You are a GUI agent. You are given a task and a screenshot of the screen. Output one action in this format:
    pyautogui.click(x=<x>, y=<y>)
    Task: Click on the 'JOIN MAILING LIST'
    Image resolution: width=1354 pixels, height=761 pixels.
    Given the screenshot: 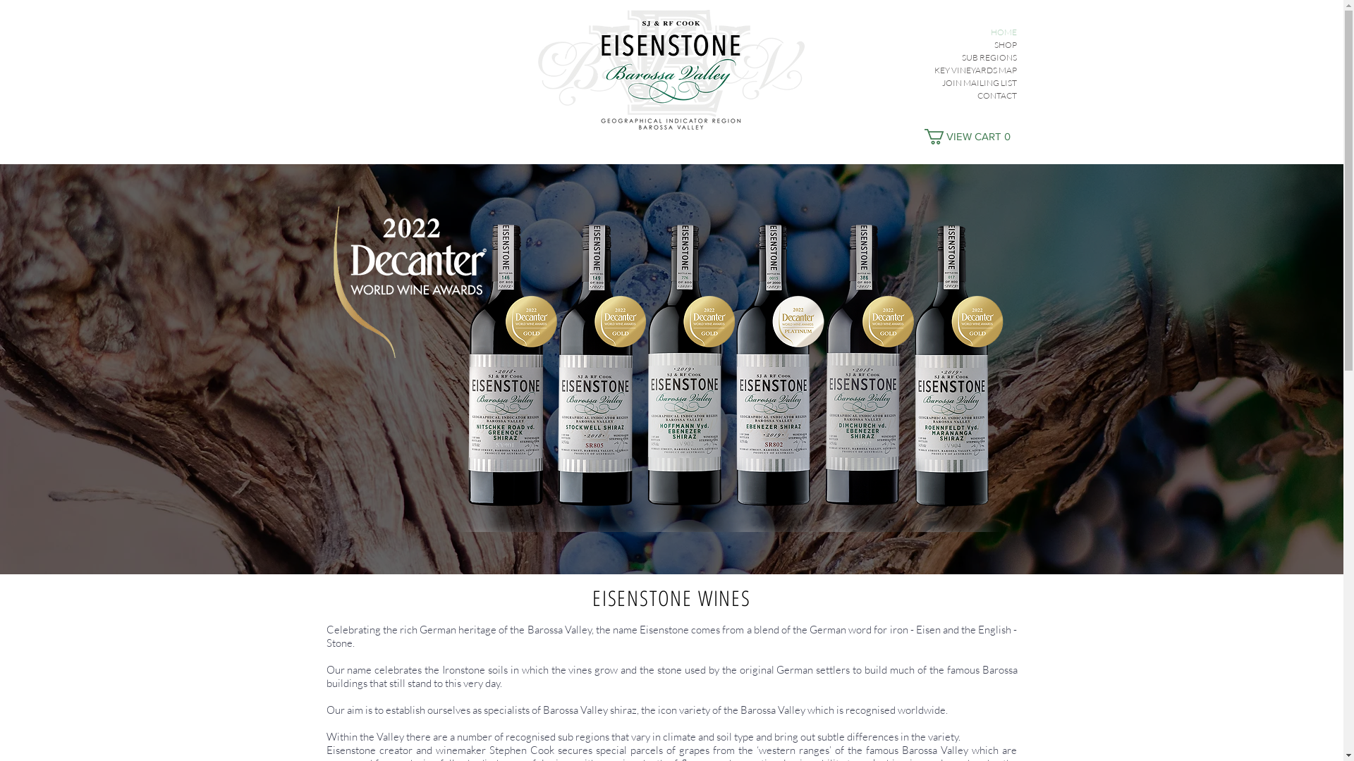 What is the action you would take?
    pyautogui.click(x=910, y=83)
    